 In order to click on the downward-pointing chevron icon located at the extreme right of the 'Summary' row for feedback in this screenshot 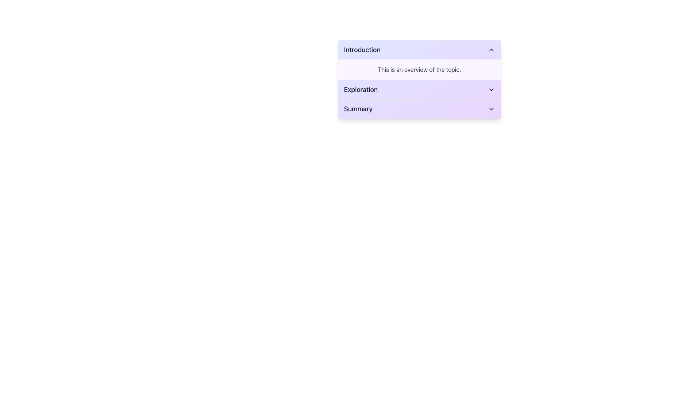, I will do `click(491, 109)`.